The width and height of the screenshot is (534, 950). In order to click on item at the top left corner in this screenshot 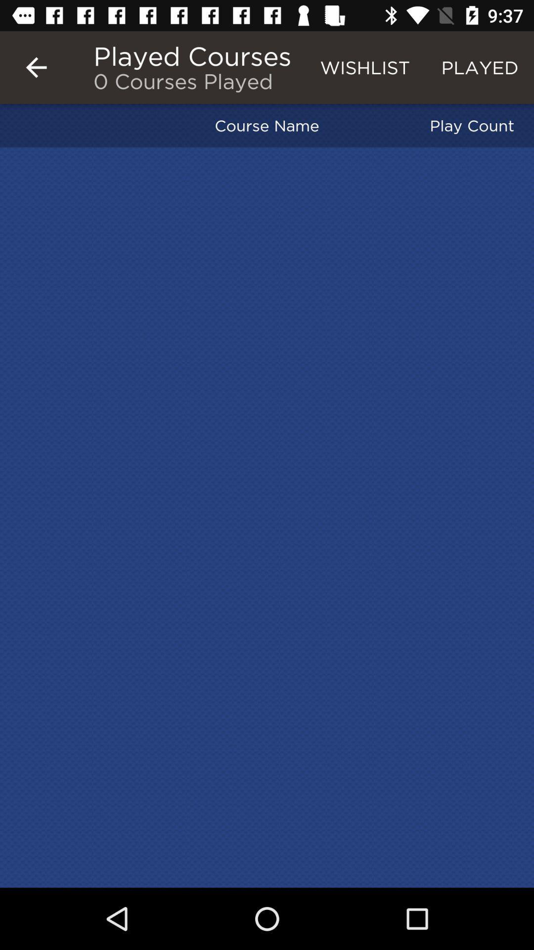, I will do `click(36, 67)`.